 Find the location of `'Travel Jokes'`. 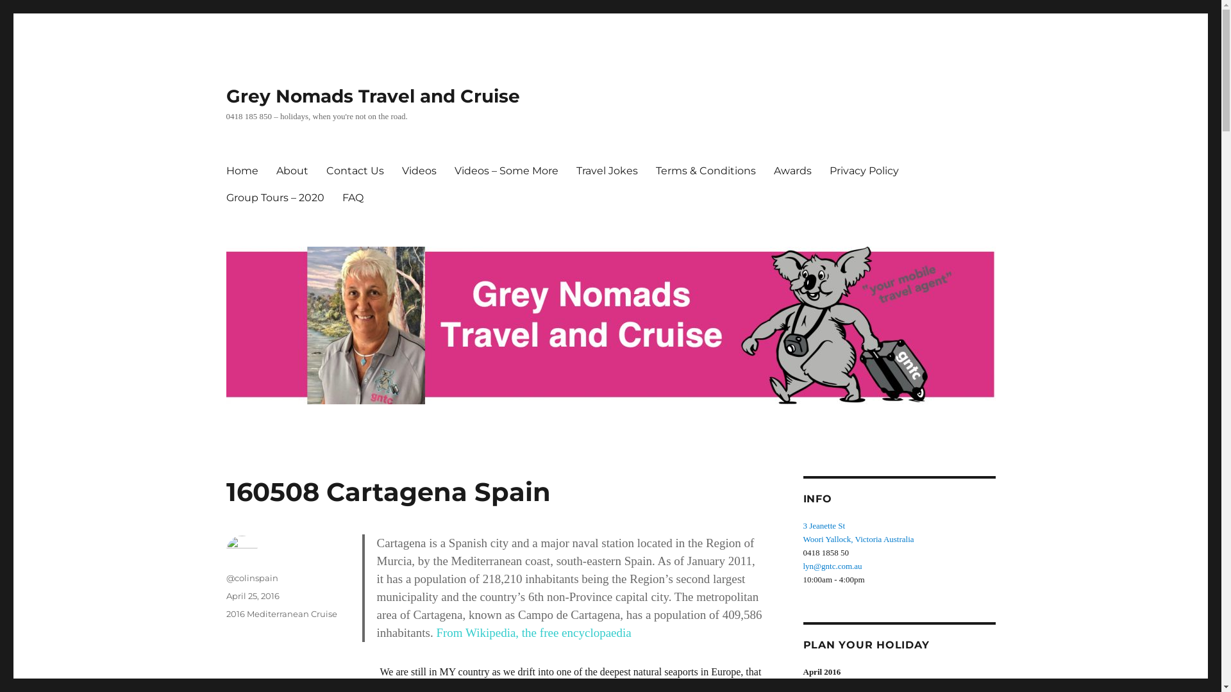

'Travel Jokes' is located at coordinates (605, 170).